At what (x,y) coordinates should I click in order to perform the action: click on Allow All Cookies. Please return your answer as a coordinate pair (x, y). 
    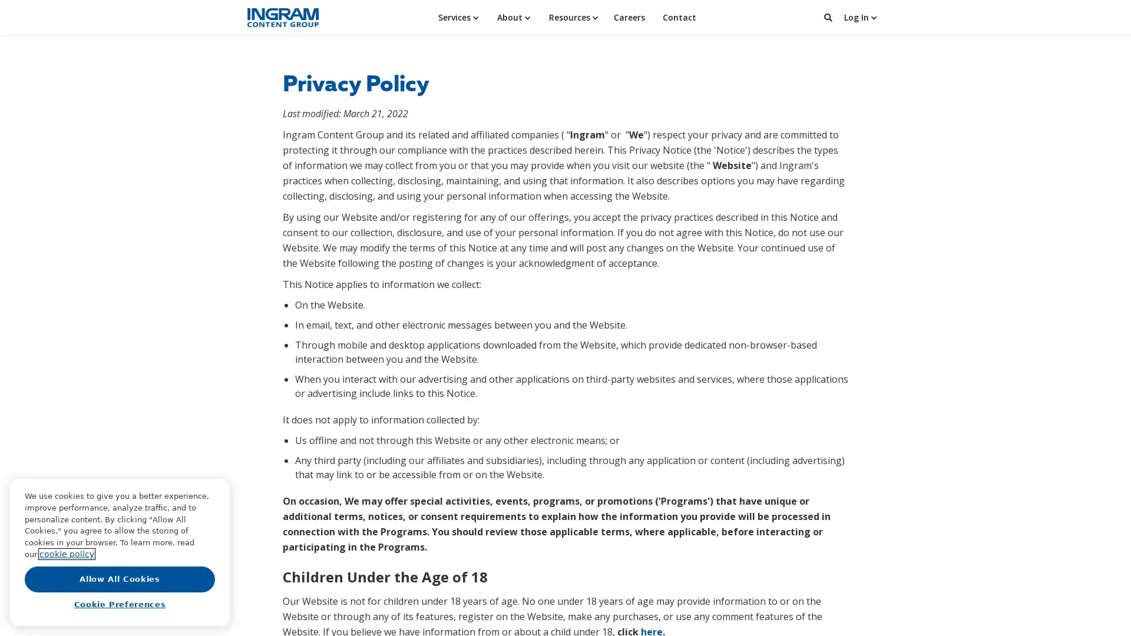
    Looking at the image, I should click on (120, 578).